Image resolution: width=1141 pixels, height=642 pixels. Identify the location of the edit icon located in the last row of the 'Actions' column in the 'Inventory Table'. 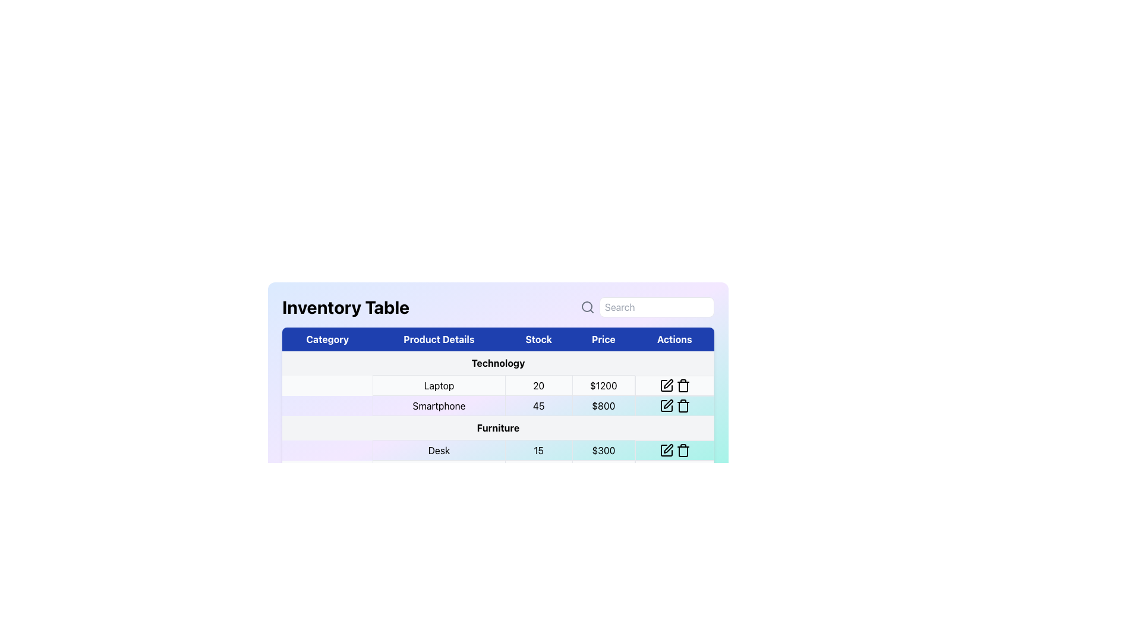
(666, 450).